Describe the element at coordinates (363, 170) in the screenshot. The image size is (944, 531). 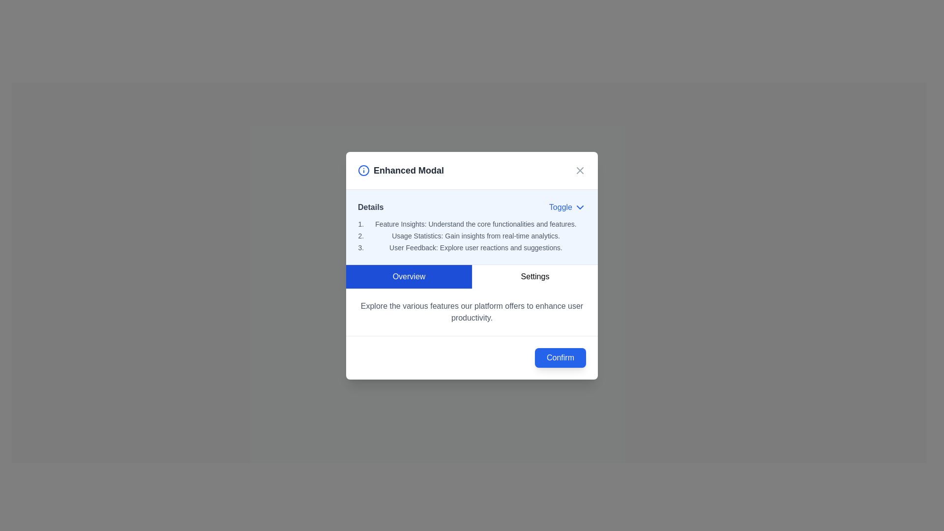
I see `the Icon component located at the top-left region of the modal, near the title 'Enhanced Modal'` at that location.